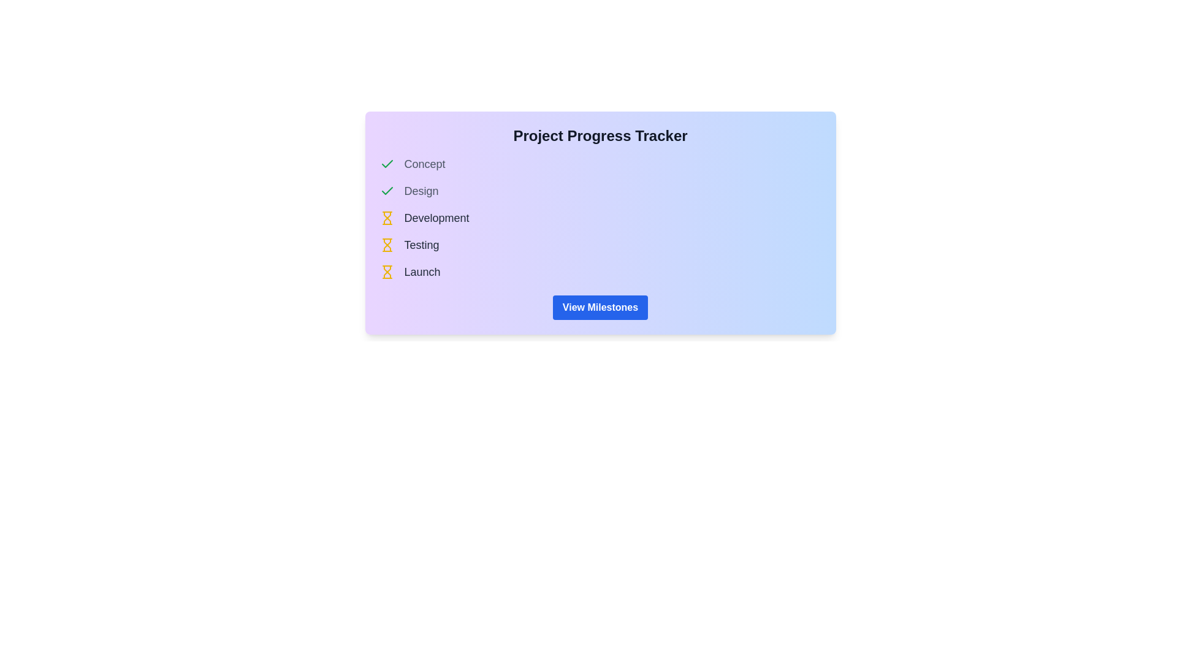 Image resolution: width=1177 pixels, height=662 pixels. What do you see at coordinates (386, 191) in the screenshot?
I see `the green checkmark icon symbolizing completion located next to the text 'Concept' in the progress tracker interface` at bounding box center [386, 191].